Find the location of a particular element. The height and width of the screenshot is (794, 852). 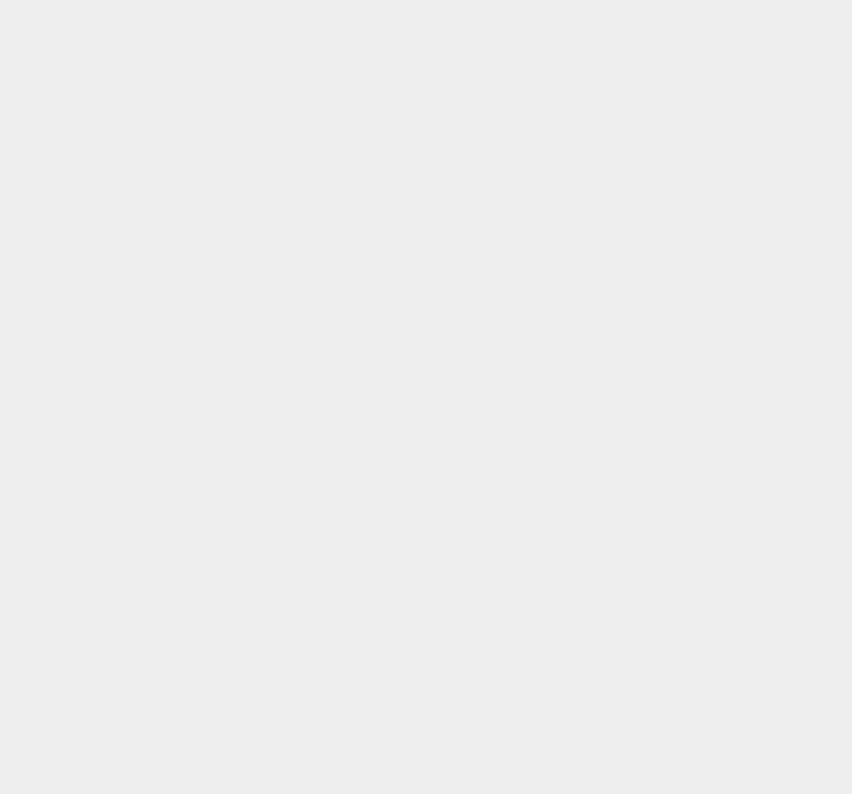

'Android' is located at coordinates (619, 477).